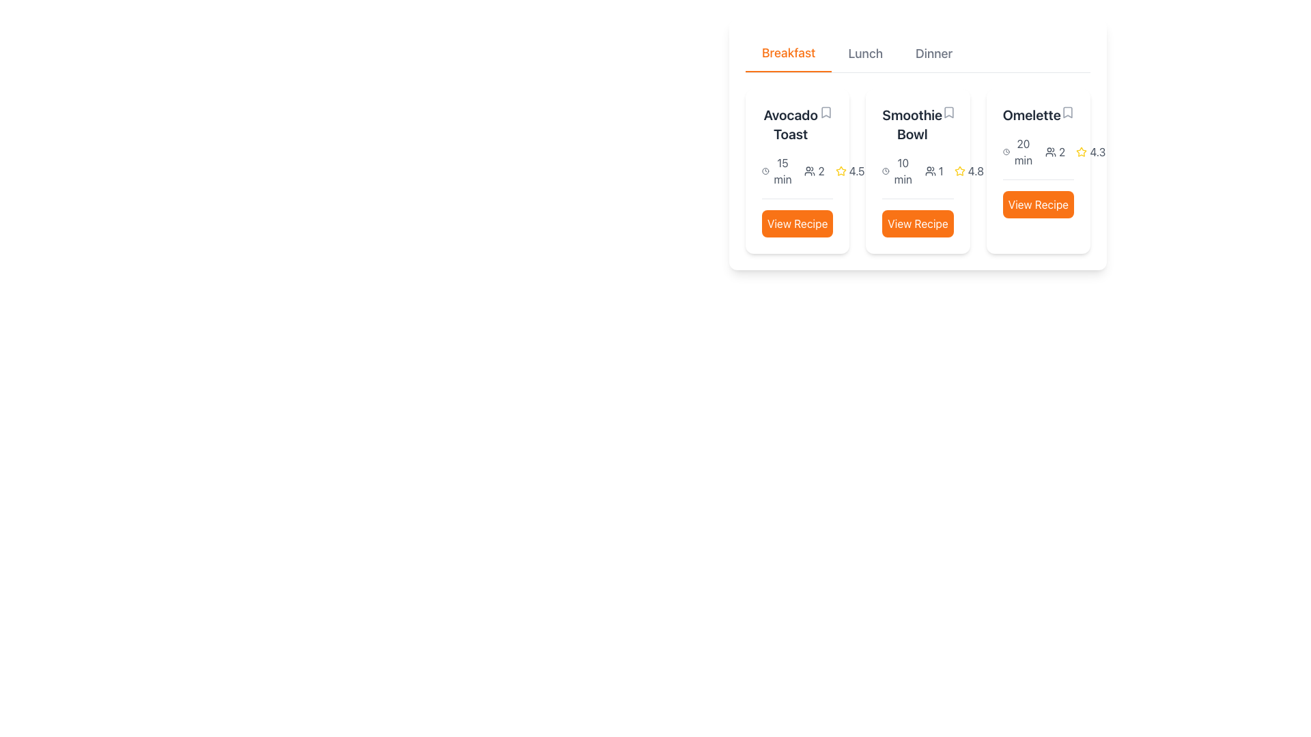 The width and height of the screenshot is (1311, 737). I want to click on the small icon resembling a group of two people, which is located in the 'Omelette' section of the third card, immediately before the number '2', so click(1049, 152).